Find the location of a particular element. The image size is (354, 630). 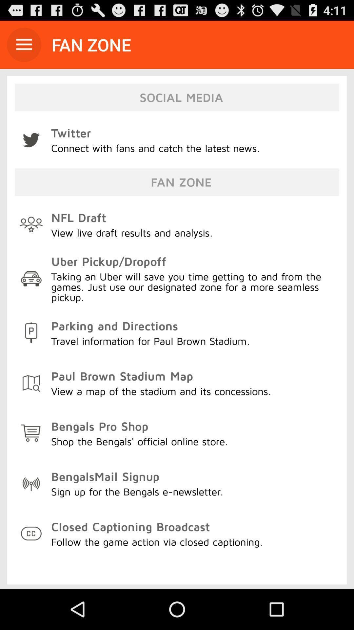

favorite is located at coordinates (24, 44).